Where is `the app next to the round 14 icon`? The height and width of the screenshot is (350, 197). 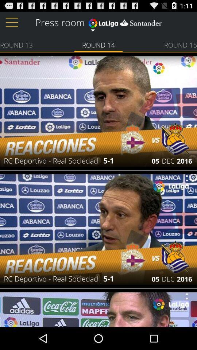
the app next to the round 14 icon is located at coordinates (16, 44).